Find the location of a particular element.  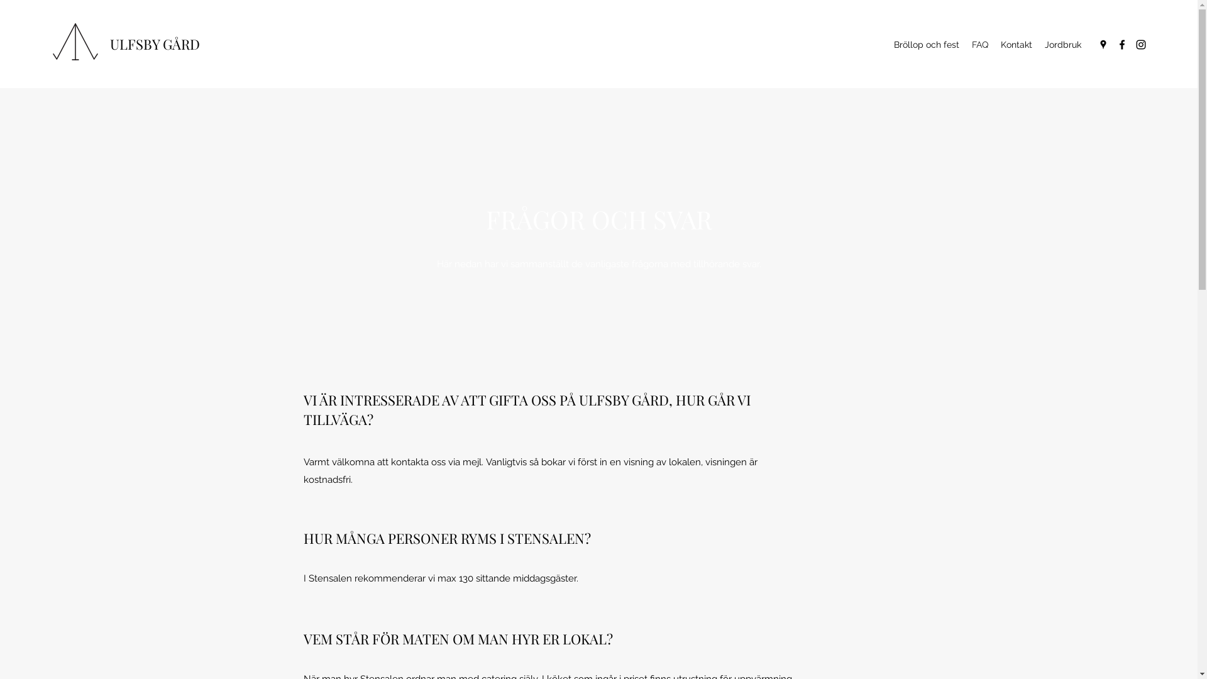

'Kontakt' is located at coordinates (1017, 43).